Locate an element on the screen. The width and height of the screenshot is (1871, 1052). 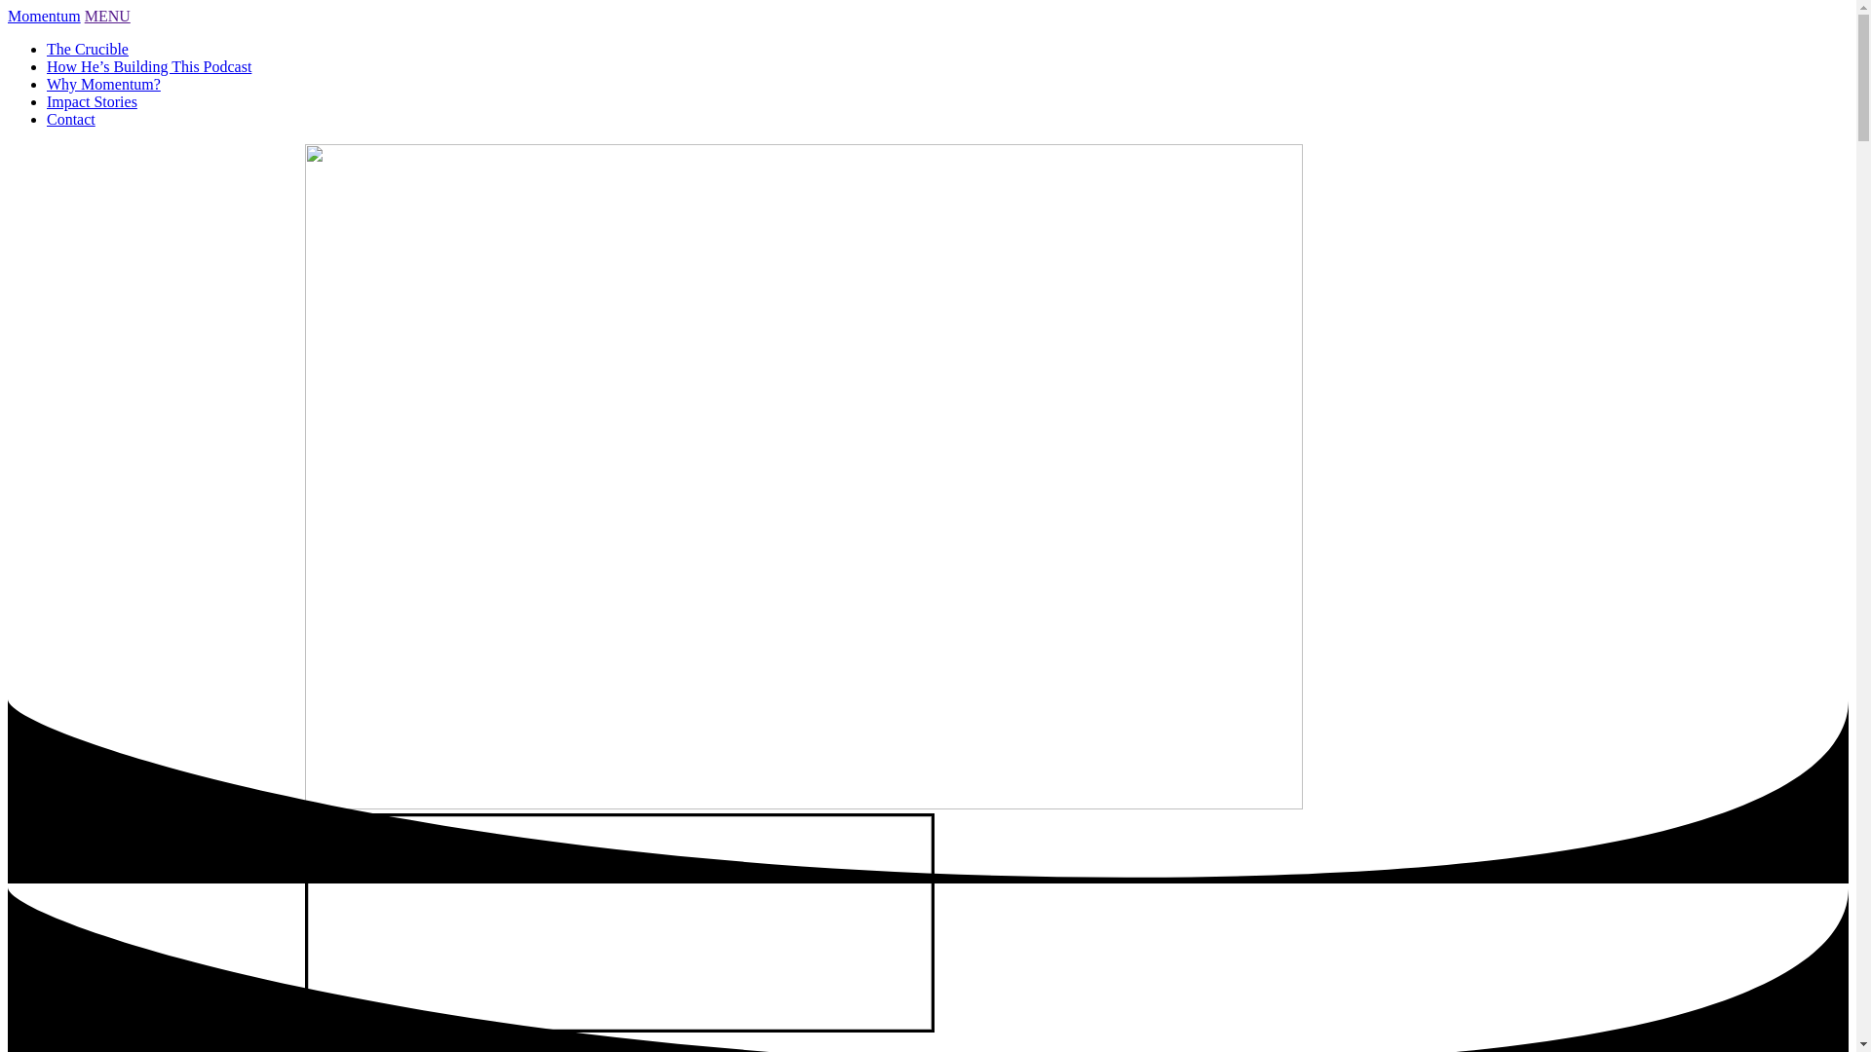
'Why Momentum?' is located at coordinates (102, 83).